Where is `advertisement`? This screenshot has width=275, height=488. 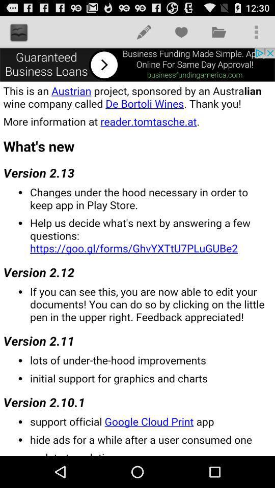
advertisement is located at coordinates (137, 64).